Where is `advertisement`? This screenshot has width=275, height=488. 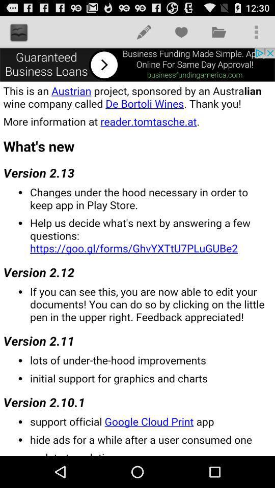
advertisement is located at coordinates (137, 64).